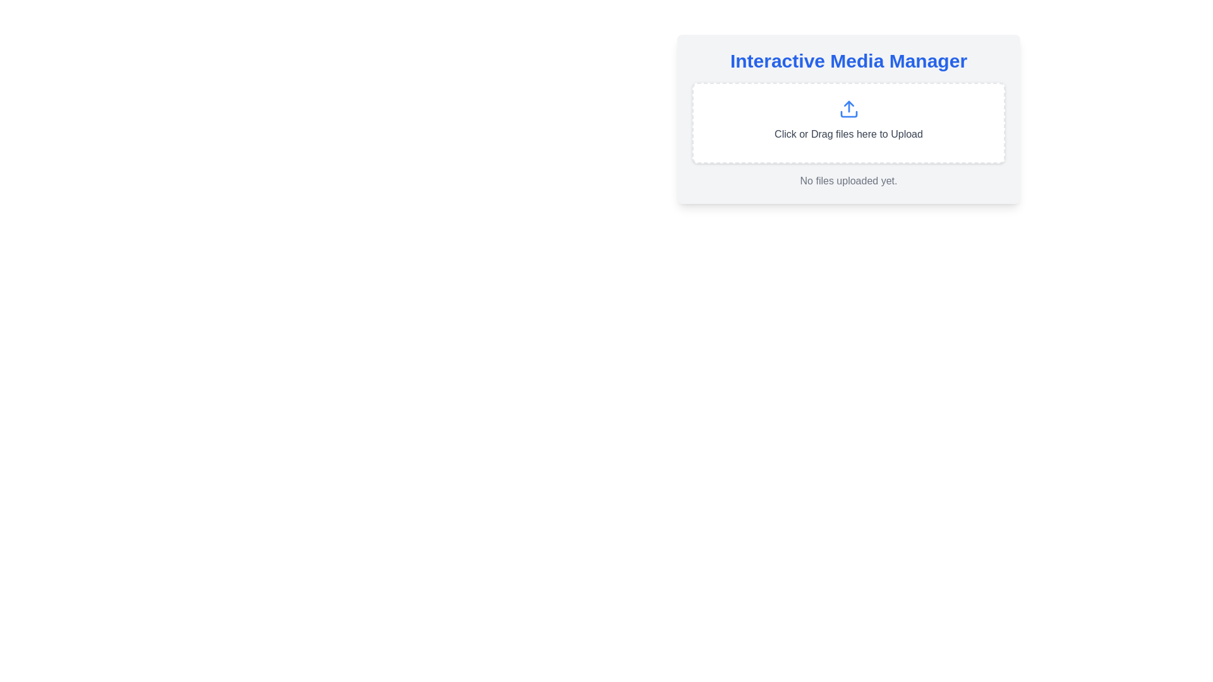 The height and width of the screenshot is (682, 1213). What do you see at coordinates (848, 134) in the screenshot?
I see `the text label displaying 'Click or Drag files here to Upload', which is centered beneath the upload icon within a dashed rectangular area` at bounding box center [848, 134].